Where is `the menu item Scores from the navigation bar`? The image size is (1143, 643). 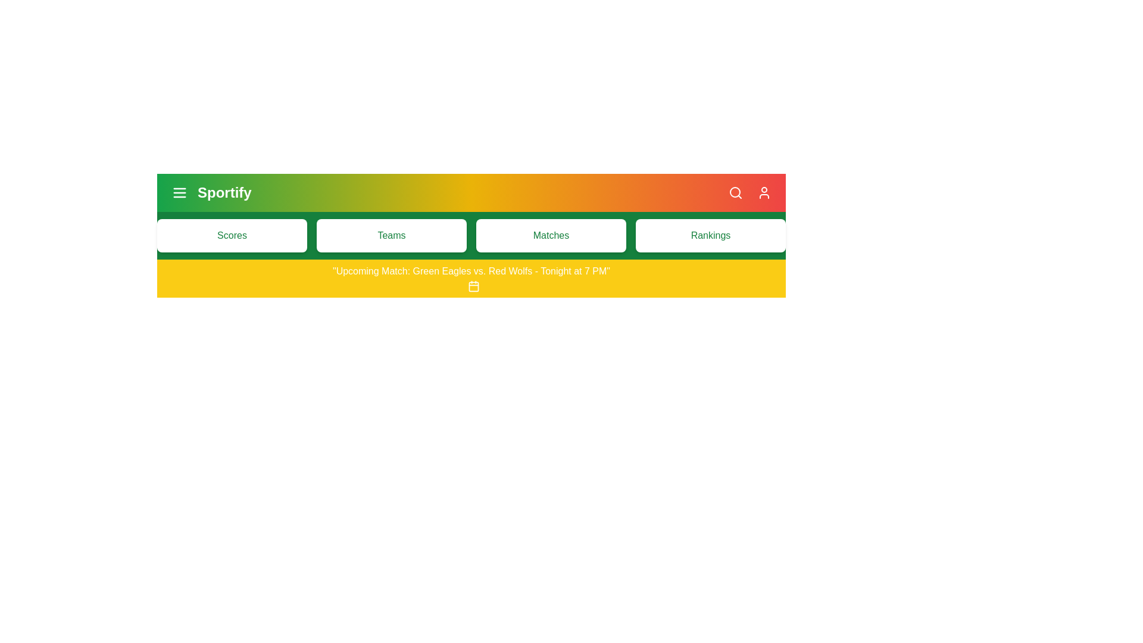 the menu item Scores from the navigation bar is located at coordinates (232, 236).